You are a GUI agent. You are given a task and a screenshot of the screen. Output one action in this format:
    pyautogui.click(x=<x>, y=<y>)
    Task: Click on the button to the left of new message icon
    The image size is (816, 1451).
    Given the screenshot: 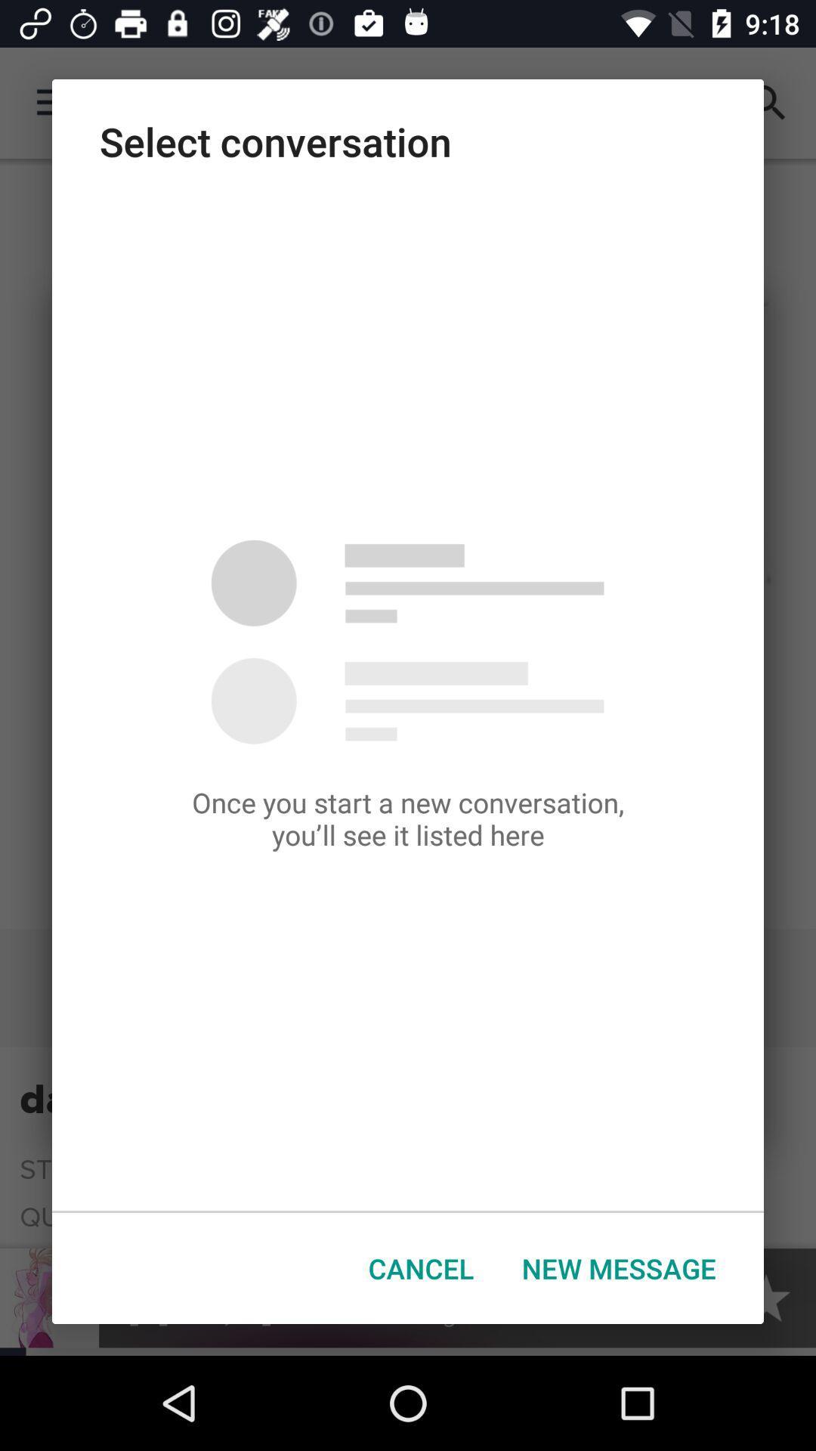 What is the action you would take?
    pyautogui.click(x=421, y=1268)
    